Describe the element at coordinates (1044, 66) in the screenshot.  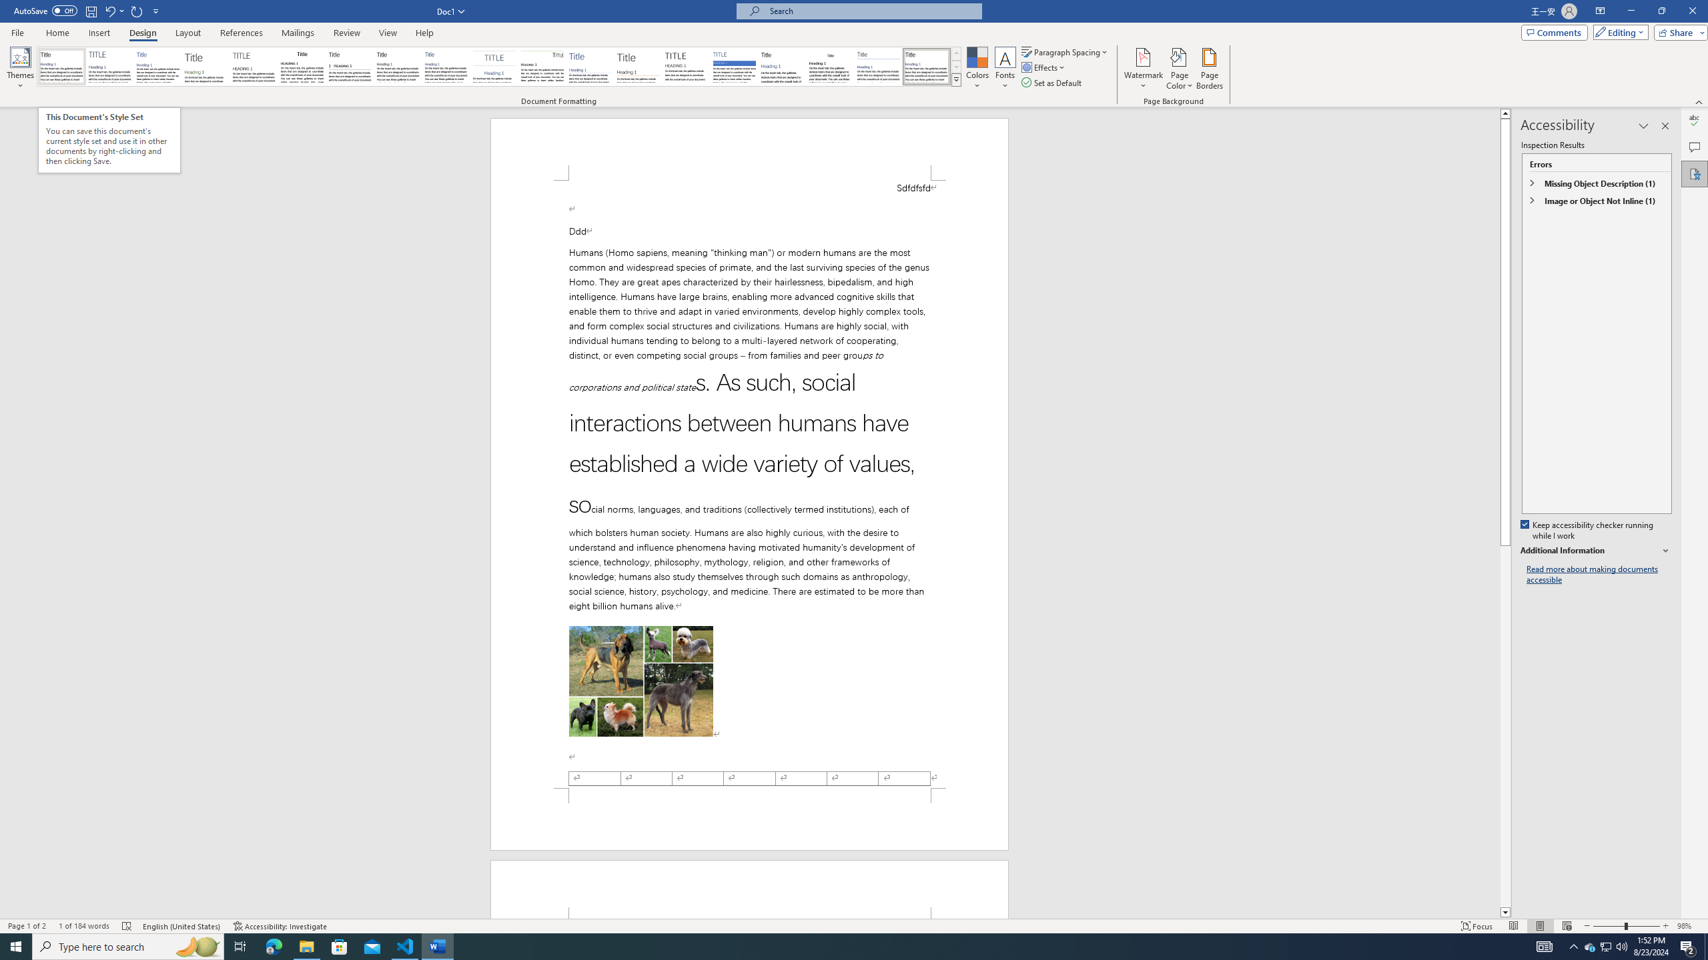
I see `'Effects'` at that location.